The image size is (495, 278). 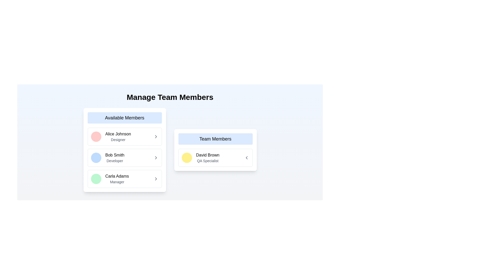 I want to click on the chevron-right icon associated with 'Carla Adams - Manager' in the 'Available Members' section, so click(x=155, y=178).